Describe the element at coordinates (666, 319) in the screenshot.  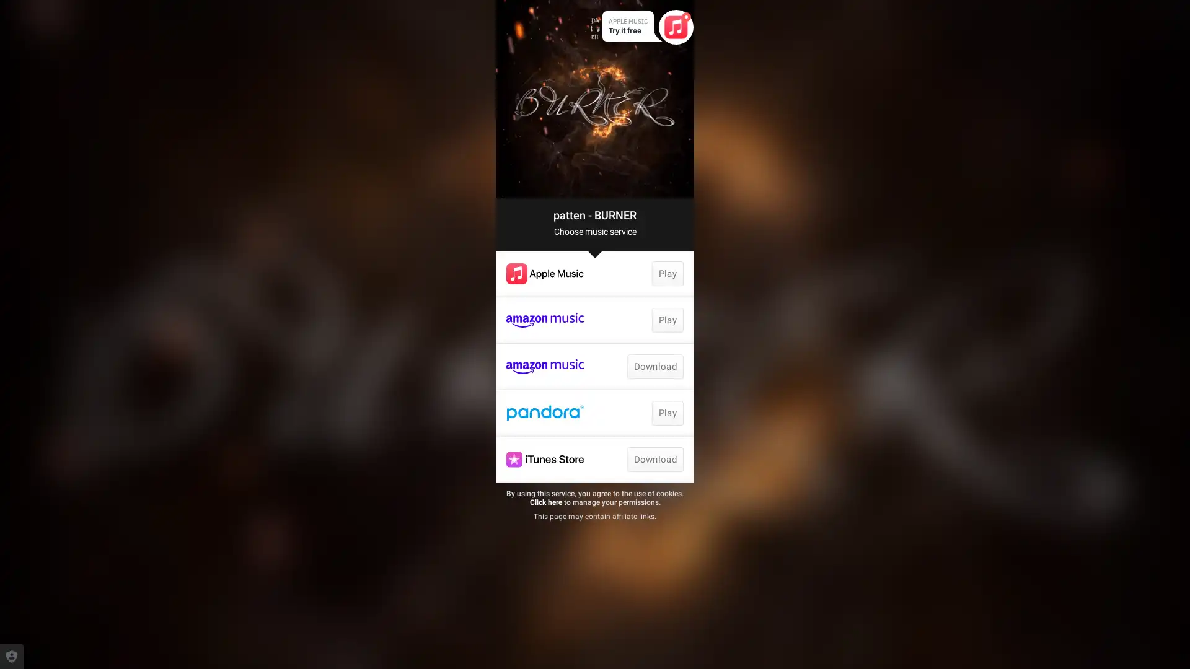
I see `Play` at that location.